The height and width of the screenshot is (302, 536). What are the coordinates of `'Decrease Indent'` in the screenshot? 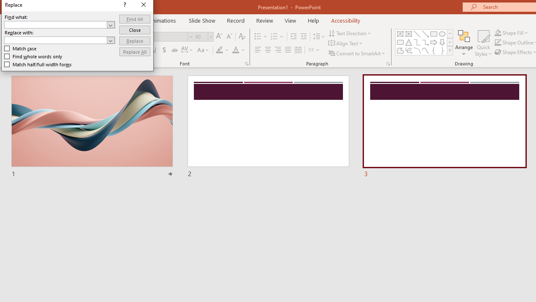 It's located at (293, 36).